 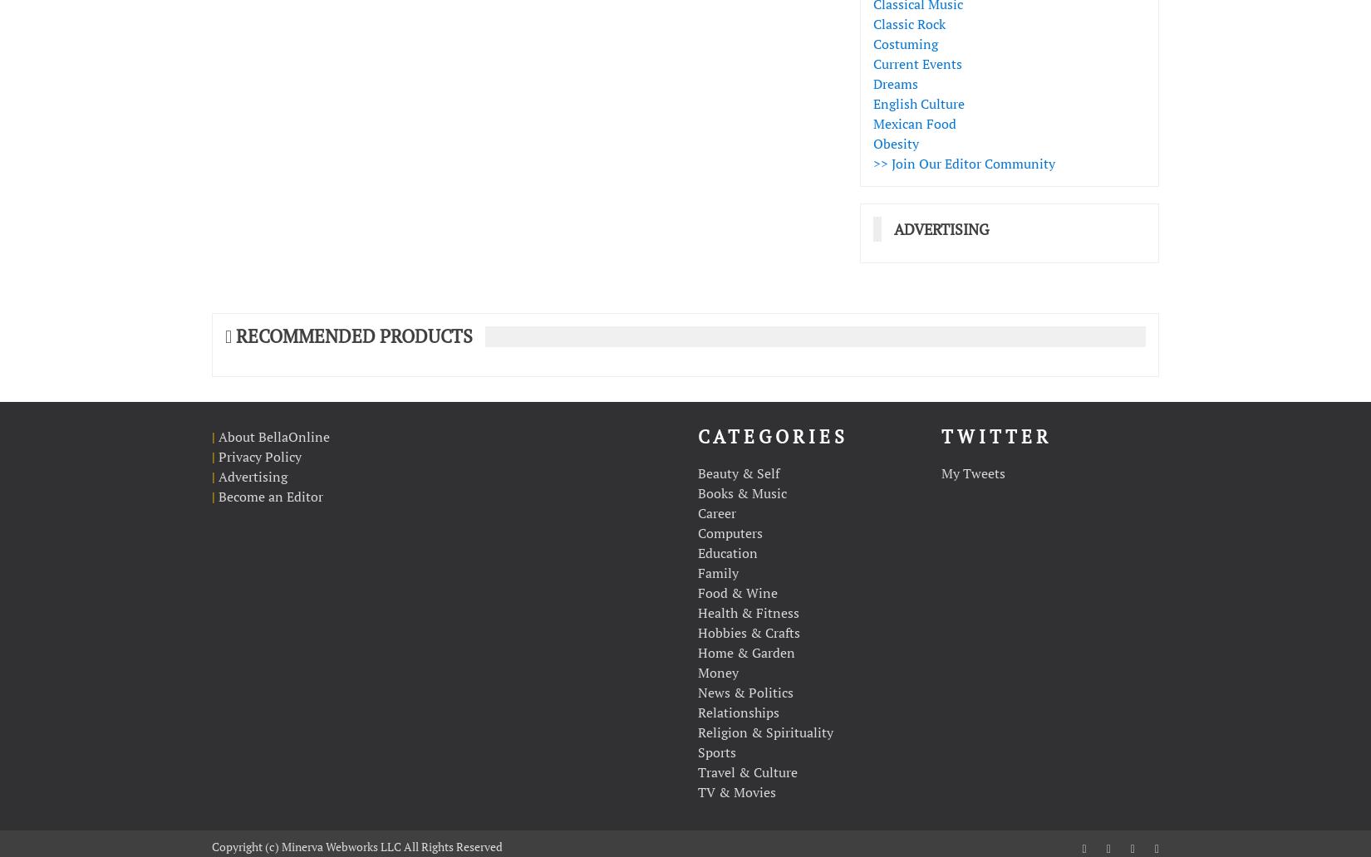 What do you see at coordinates (742, 492) in the screenshot?
I see `'Books & Music'` at bounding box center [742, 492].